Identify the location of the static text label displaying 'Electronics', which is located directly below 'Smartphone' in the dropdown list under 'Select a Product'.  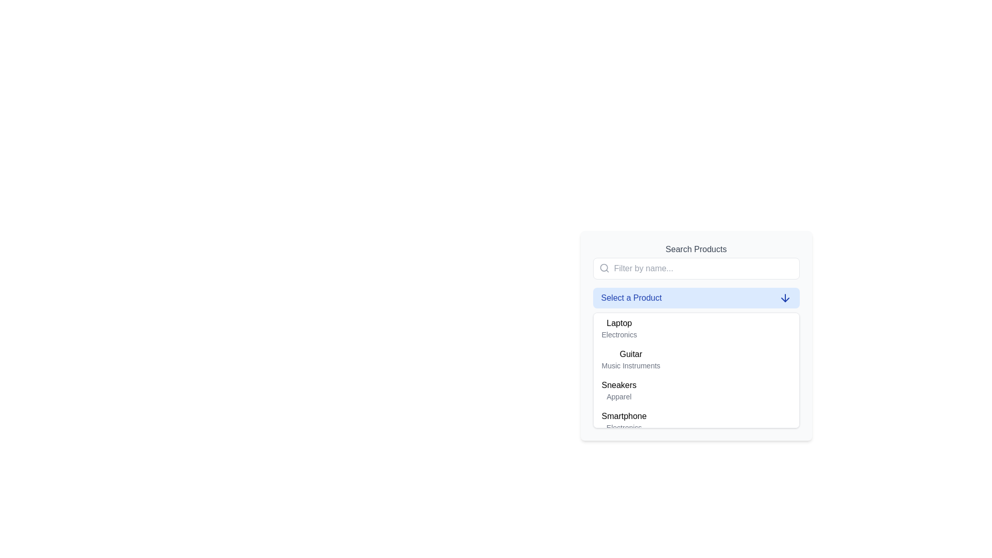
(624, 428).